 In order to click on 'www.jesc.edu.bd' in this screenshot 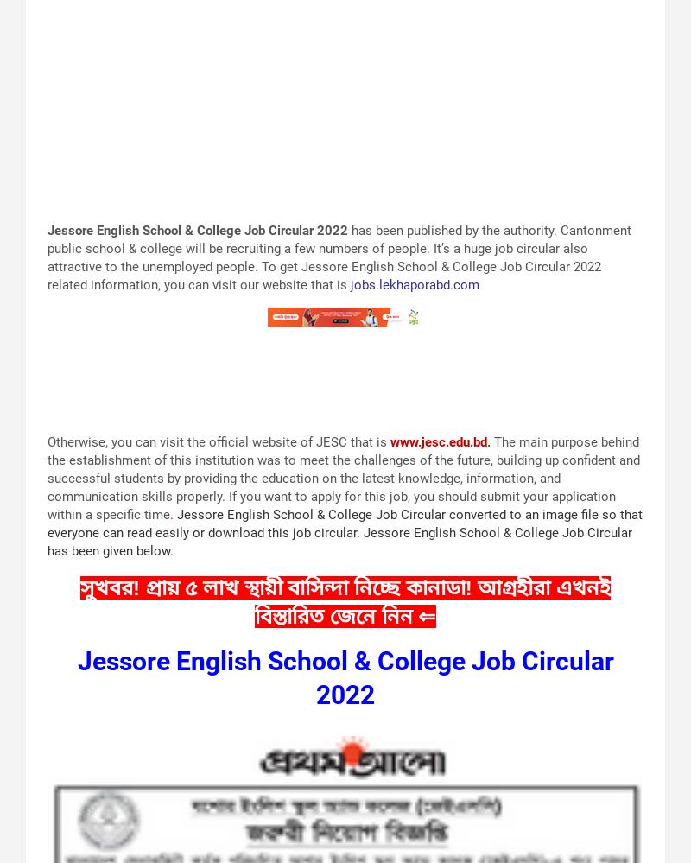, I will do `click(438, 440)`.